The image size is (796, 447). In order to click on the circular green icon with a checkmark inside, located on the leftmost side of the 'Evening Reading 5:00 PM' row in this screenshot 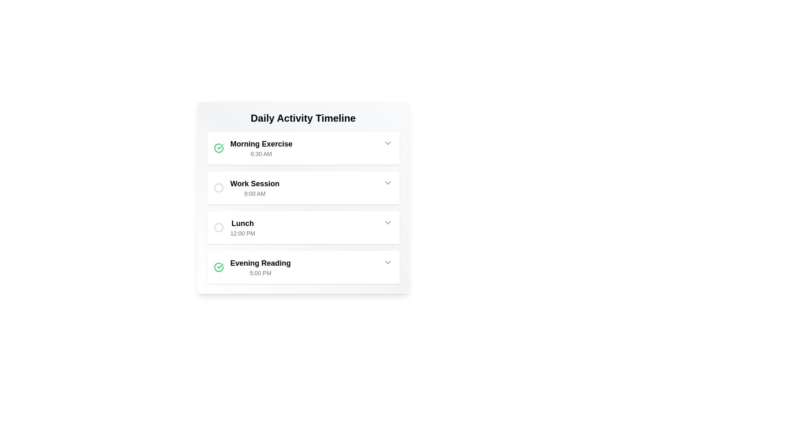, I will do `click(218, 267)`.